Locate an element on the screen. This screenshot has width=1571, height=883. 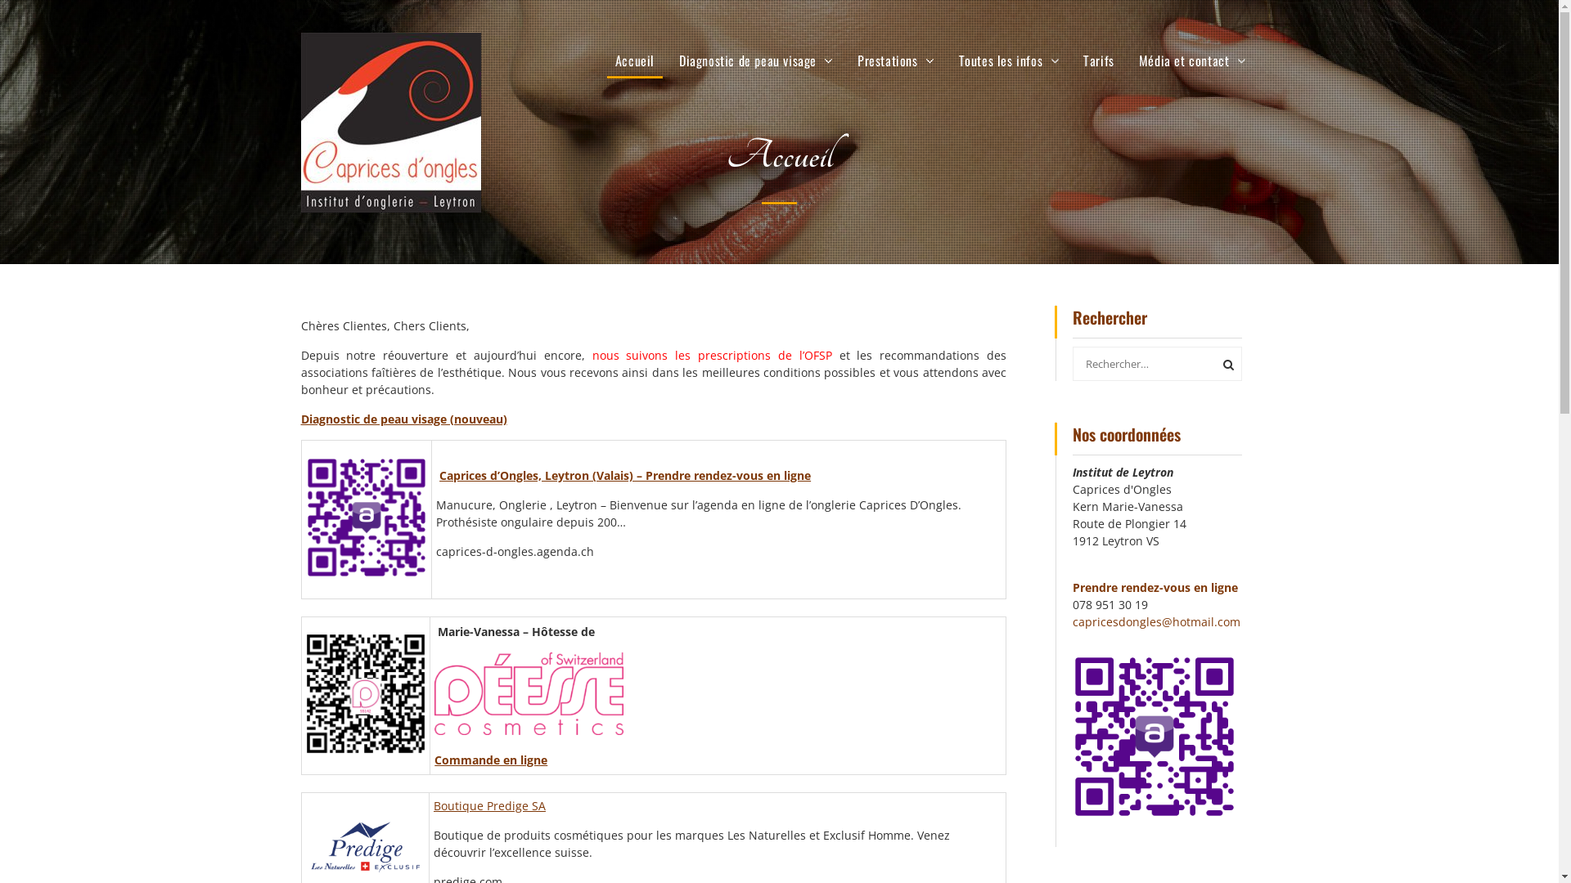
'Boutique Predige SA' is located at coordinates (488, 805).